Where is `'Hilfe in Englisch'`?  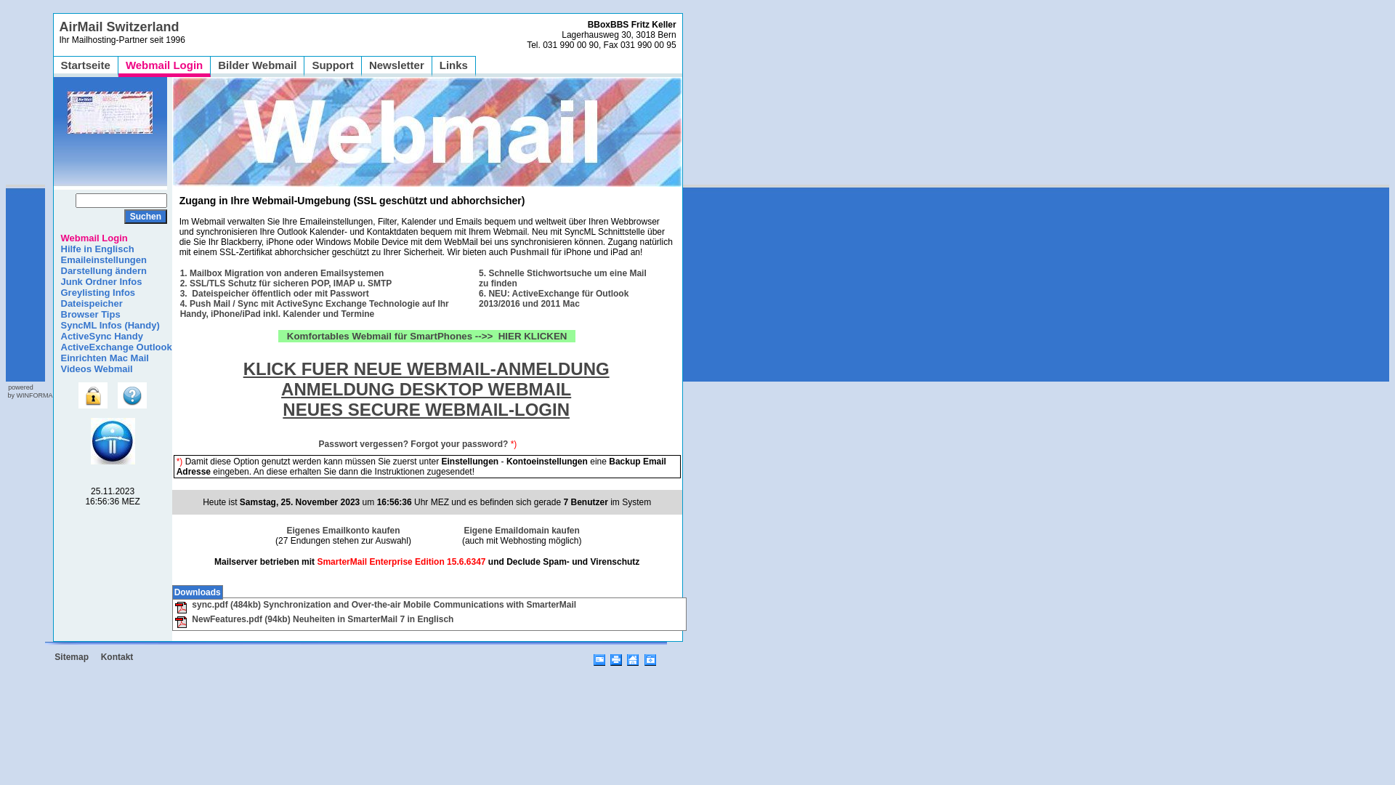
'Hilfe in Englisch' is located at coordinates (93, 248).